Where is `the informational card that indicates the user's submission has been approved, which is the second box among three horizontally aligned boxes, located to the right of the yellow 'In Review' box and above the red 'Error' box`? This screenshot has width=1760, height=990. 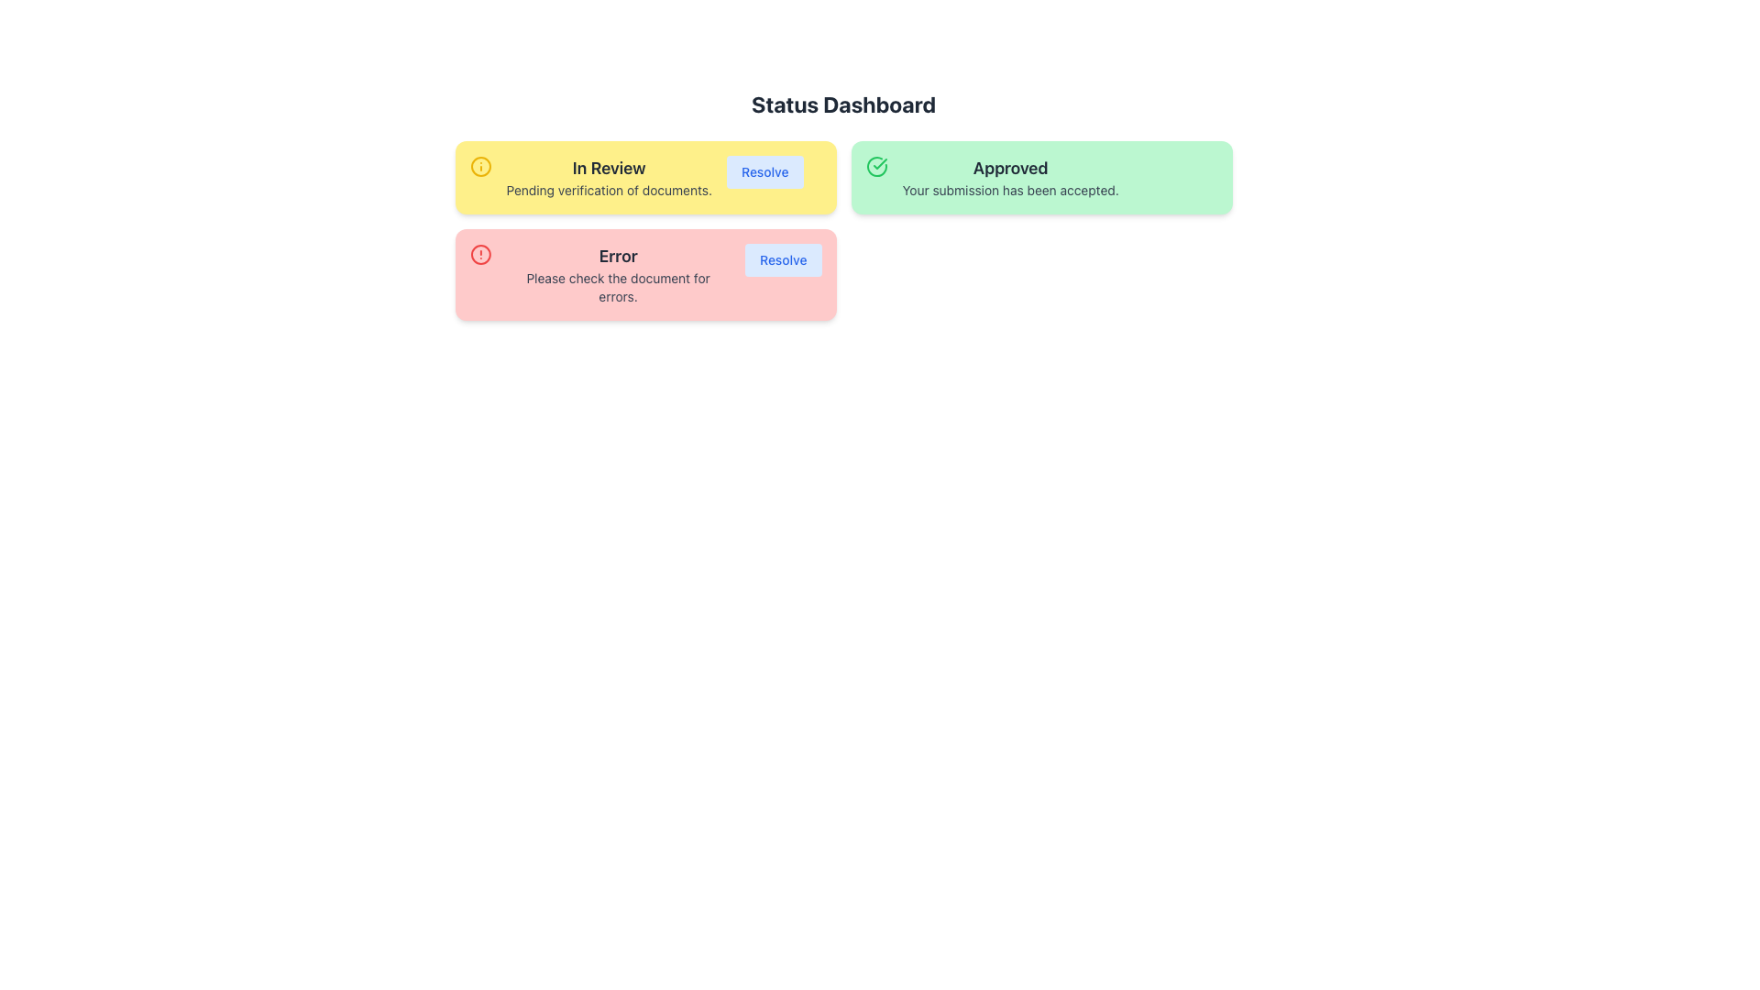
the informational card that indicates the user's submission has been approved, which is the second box among three horizontally aligned boxes, located to the right of the yellow 'In Review' box and above the red 'Error' box is located at coordinates (1041, 177).